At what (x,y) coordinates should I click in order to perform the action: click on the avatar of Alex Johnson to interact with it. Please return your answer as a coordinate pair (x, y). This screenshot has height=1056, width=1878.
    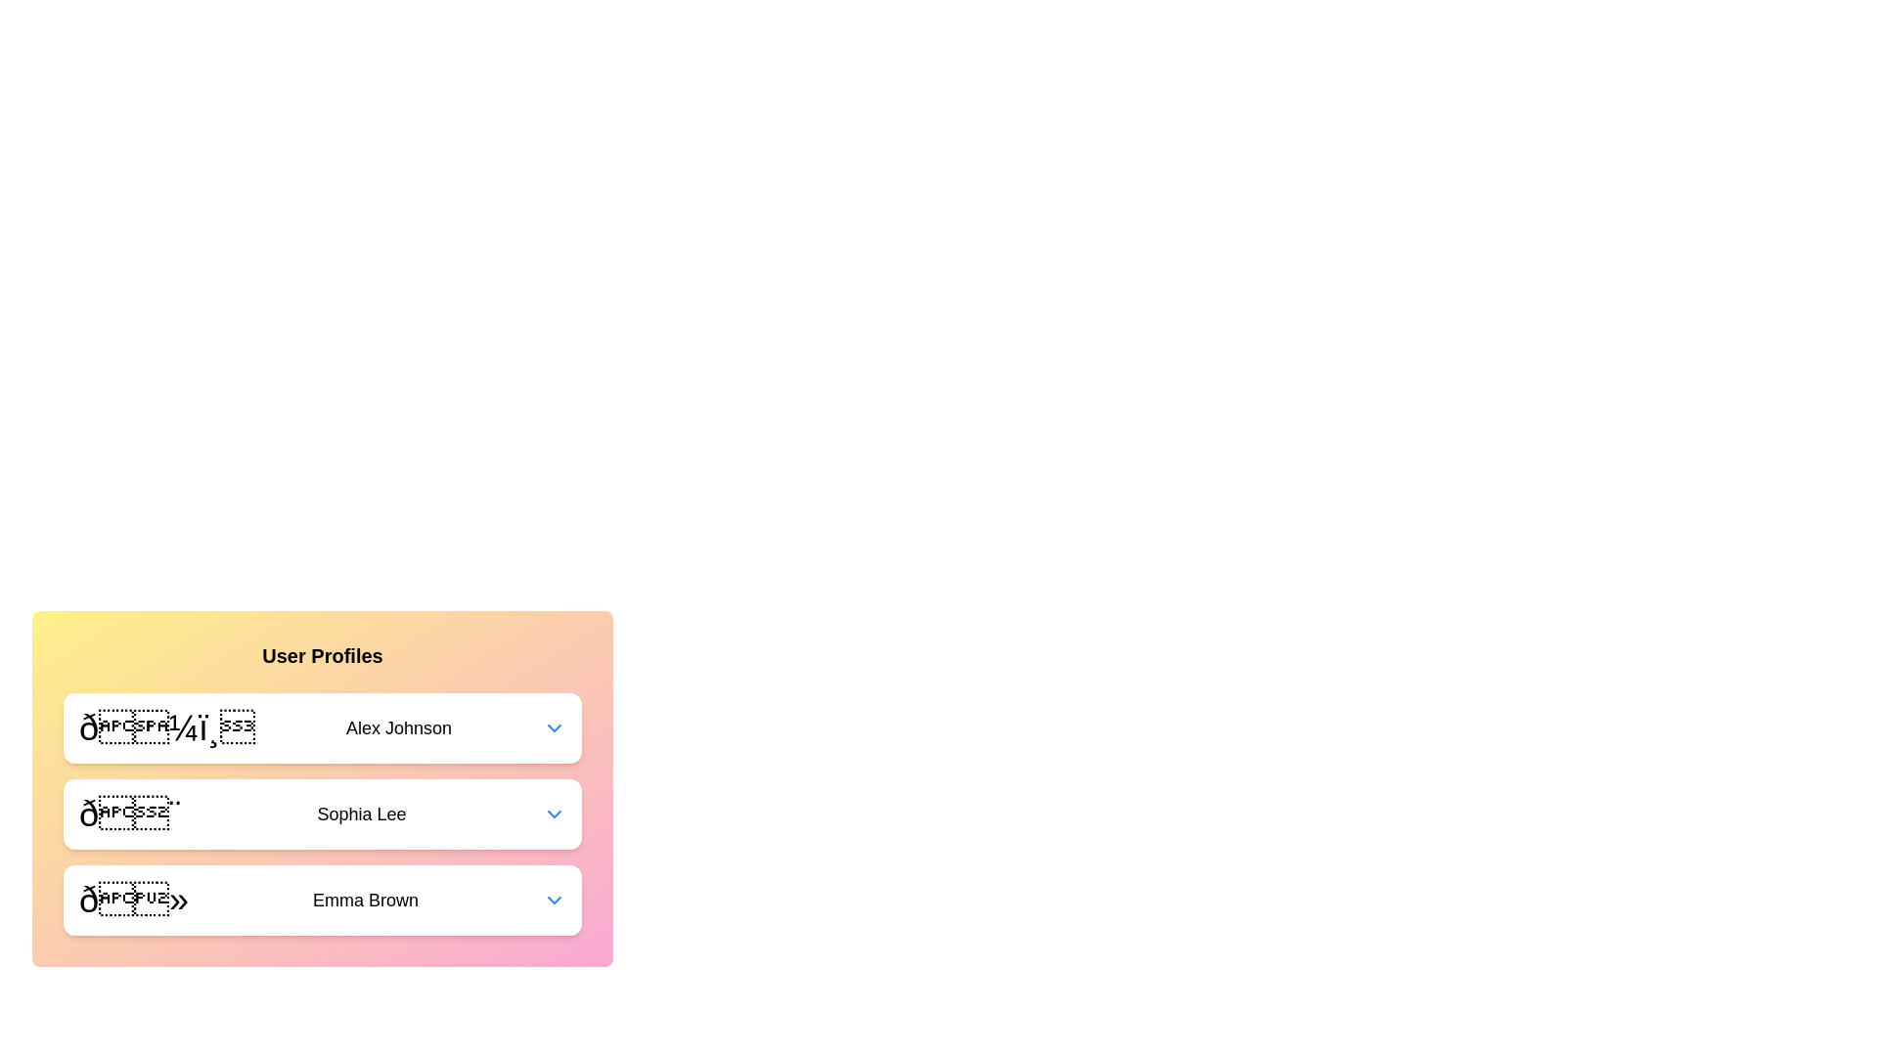
    Looking at the image, I should click on (167, 727).